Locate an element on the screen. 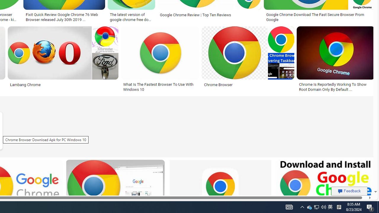 The image size is (379, 213). 'Lambang ChromeSave' is located at coordinates (64, 60).